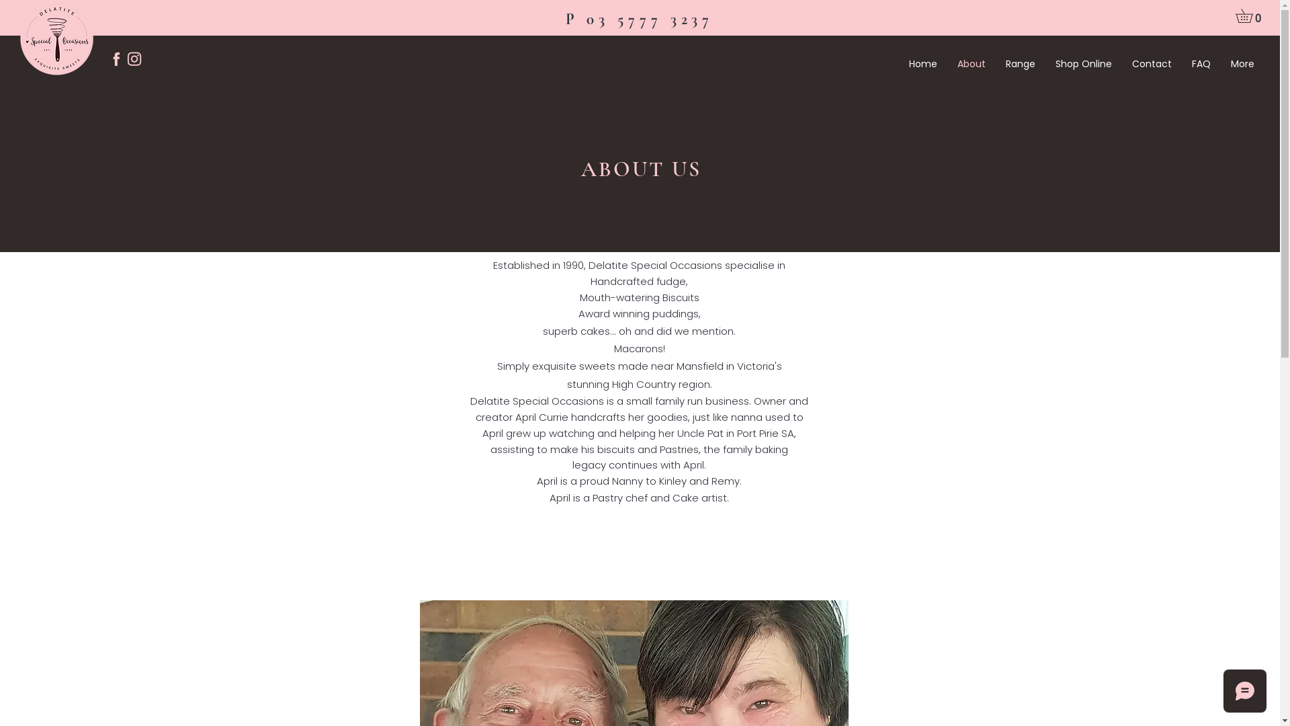 This screenshot has width=1290, height=726. Describe the element at coordinates (922, 64) in the screenshot. I see `'Home'` at that location.